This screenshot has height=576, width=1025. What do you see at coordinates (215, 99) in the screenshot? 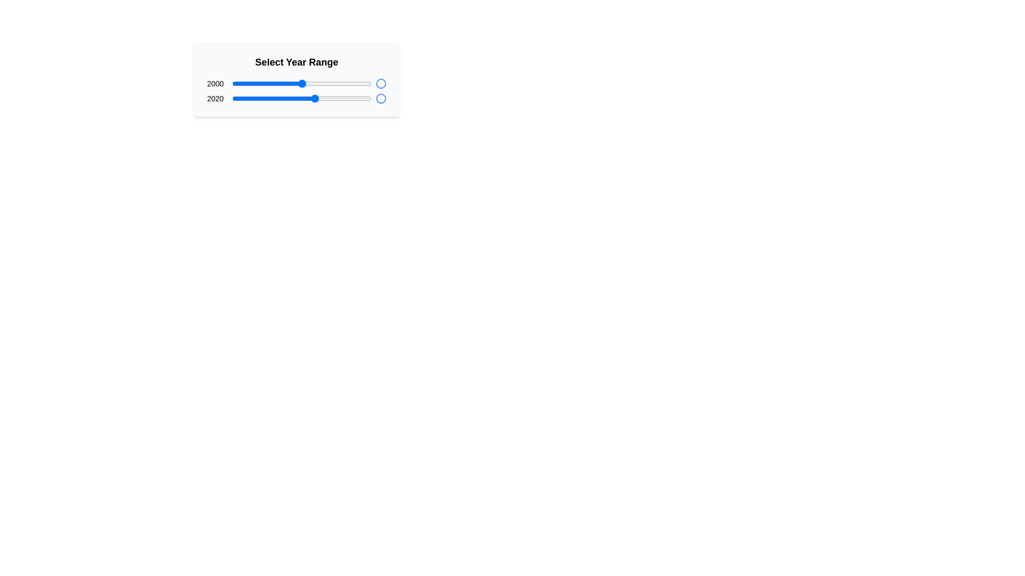
I see `the static text displaying the year '2020' which is positioned to the left of a horizontal slider` at bounding box center [215, 99].